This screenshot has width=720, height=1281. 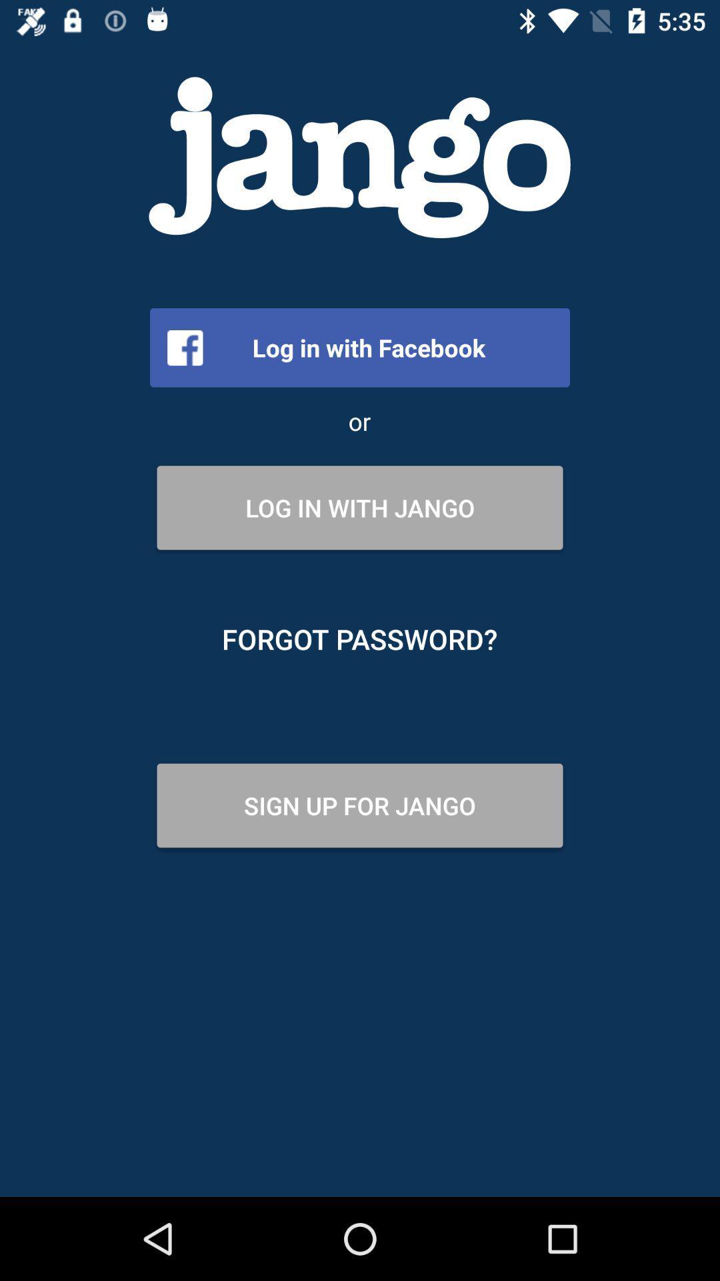 I want to click on sign up for icon, so click(x=360, y=805).